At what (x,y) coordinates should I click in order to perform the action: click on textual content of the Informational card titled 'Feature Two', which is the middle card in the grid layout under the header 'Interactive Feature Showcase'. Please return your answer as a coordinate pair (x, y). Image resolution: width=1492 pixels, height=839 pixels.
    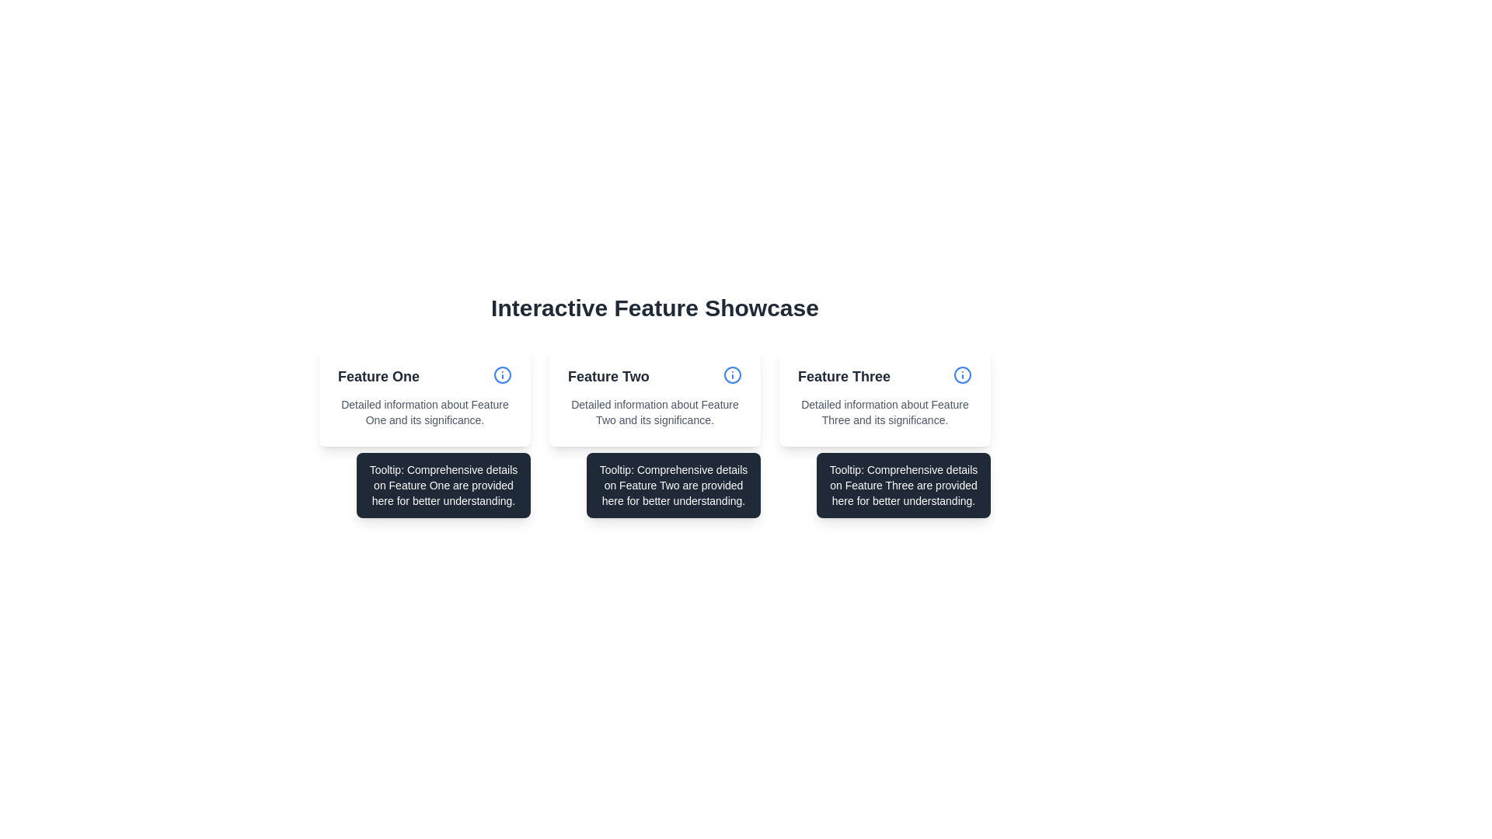
    Looking at the image, I should click on (655, 395).